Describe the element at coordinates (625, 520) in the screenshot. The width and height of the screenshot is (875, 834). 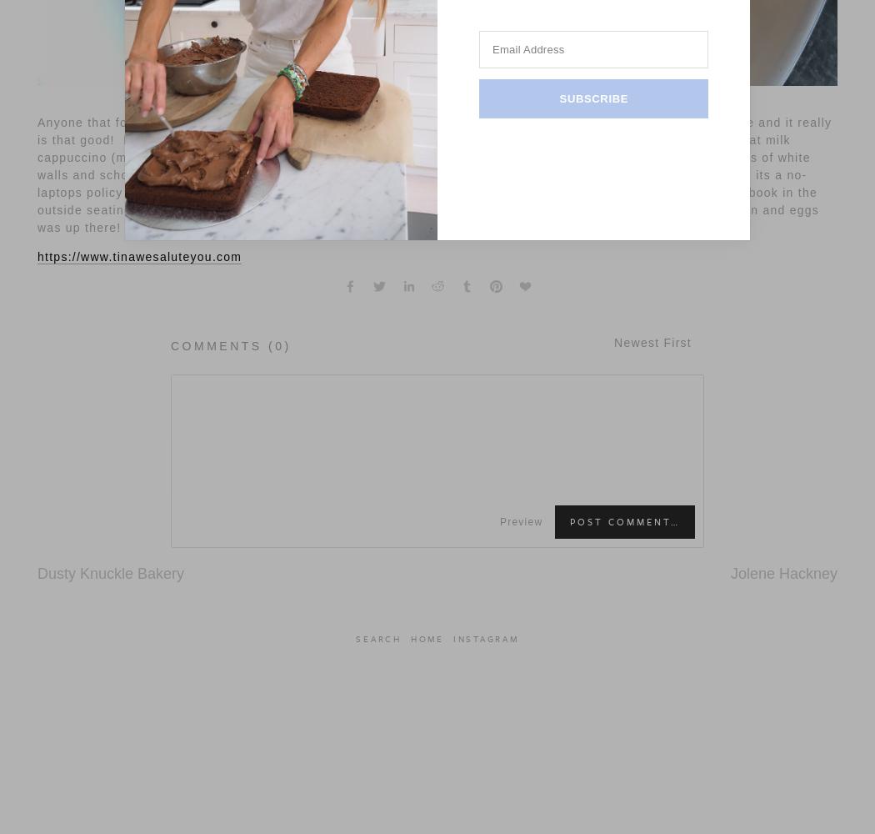
I see `'Post Comment…'` at that location.